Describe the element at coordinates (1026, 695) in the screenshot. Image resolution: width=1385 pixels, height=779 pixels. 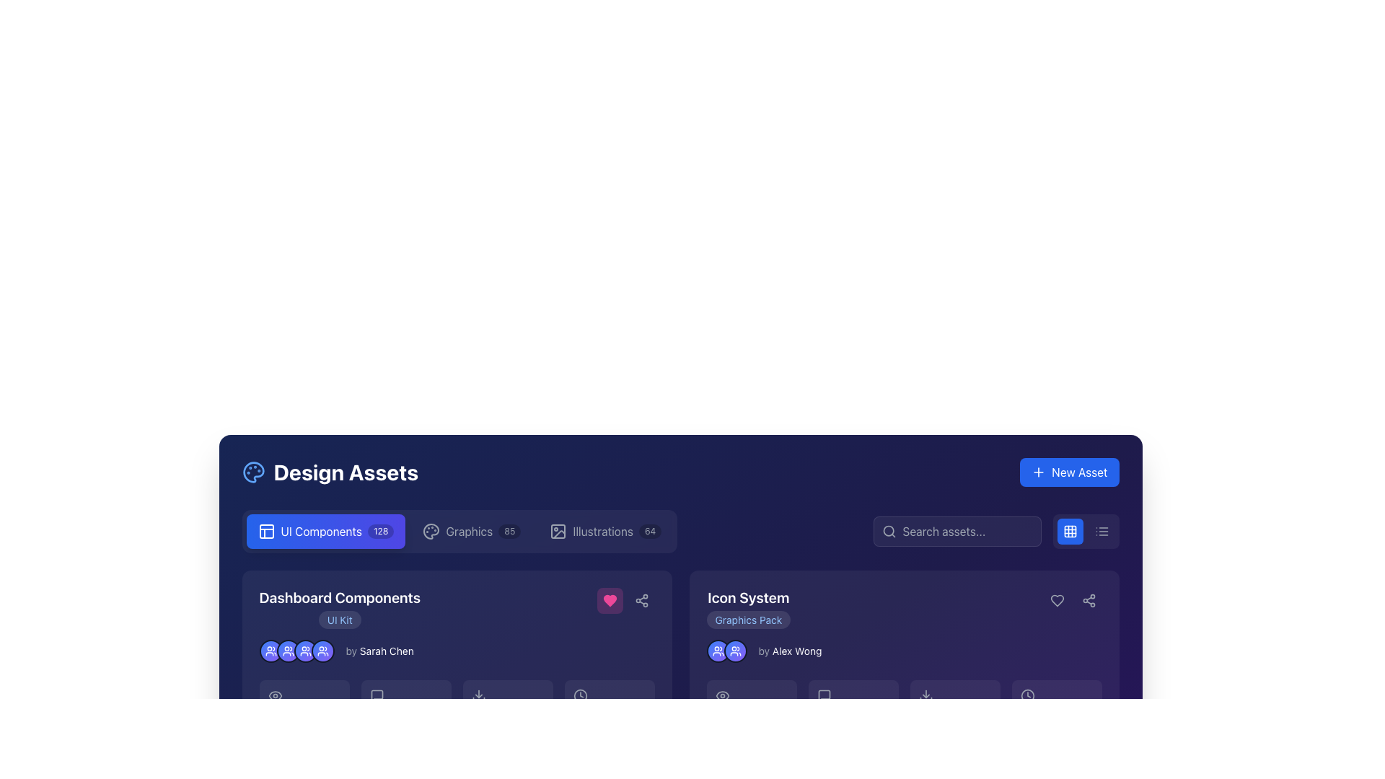
I see `the graphical element within the clock icon, which serves as a visual indicator of the clock's face, located in the upper right section of the interface` at that location.